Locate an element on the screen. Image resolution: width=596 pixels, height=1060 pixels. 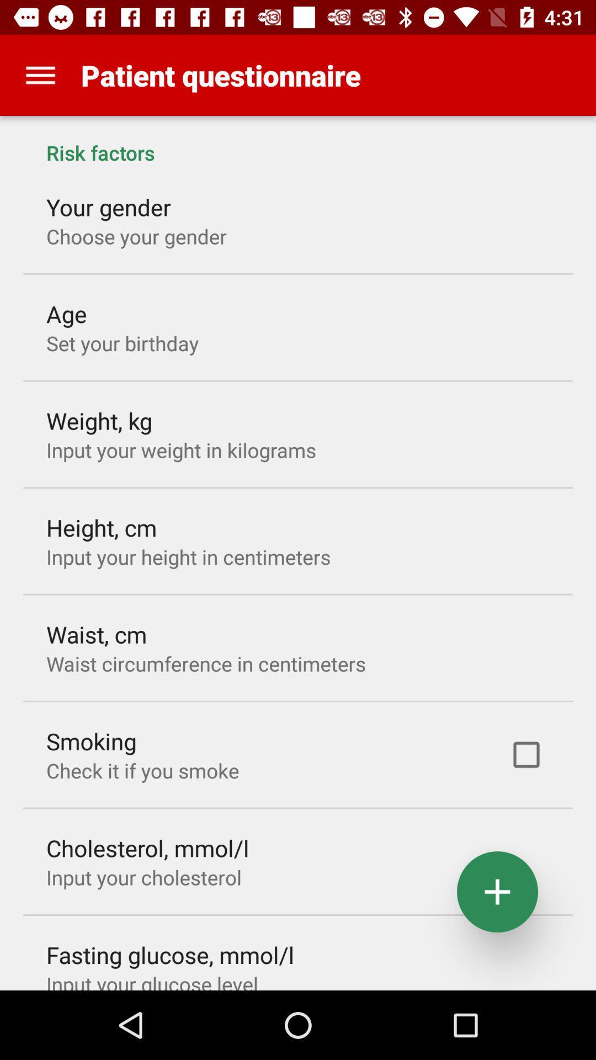
check it if item is located at coordinates (142, 770).